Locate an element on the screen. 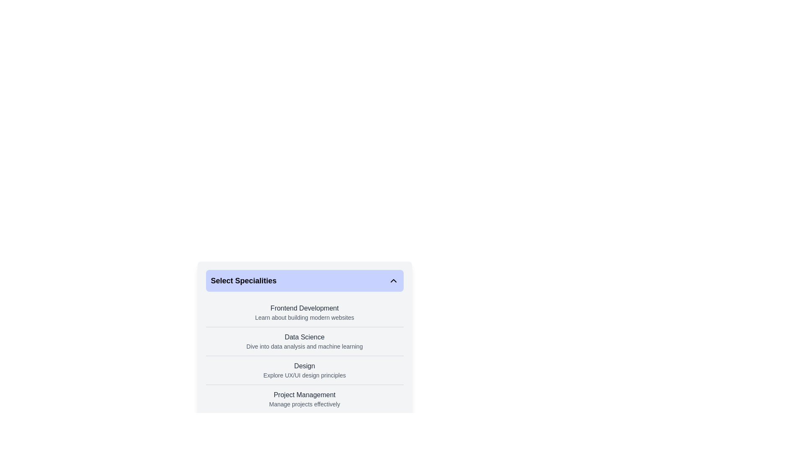 Image resolution: width=804 pixels, height=452 pixels. the 'Data Science' list item is located at coordinates (304, 350).